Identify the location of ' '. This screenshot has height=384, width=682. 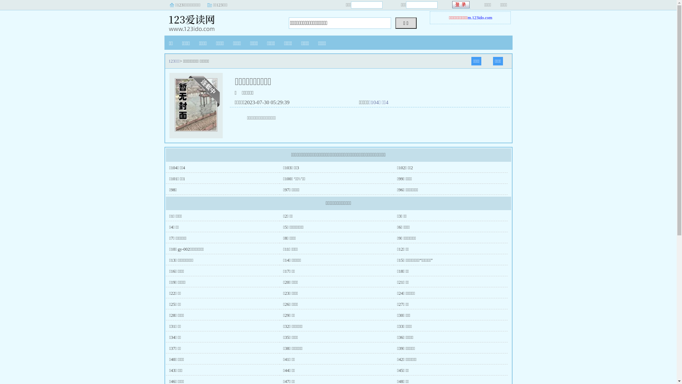
(461, 5).